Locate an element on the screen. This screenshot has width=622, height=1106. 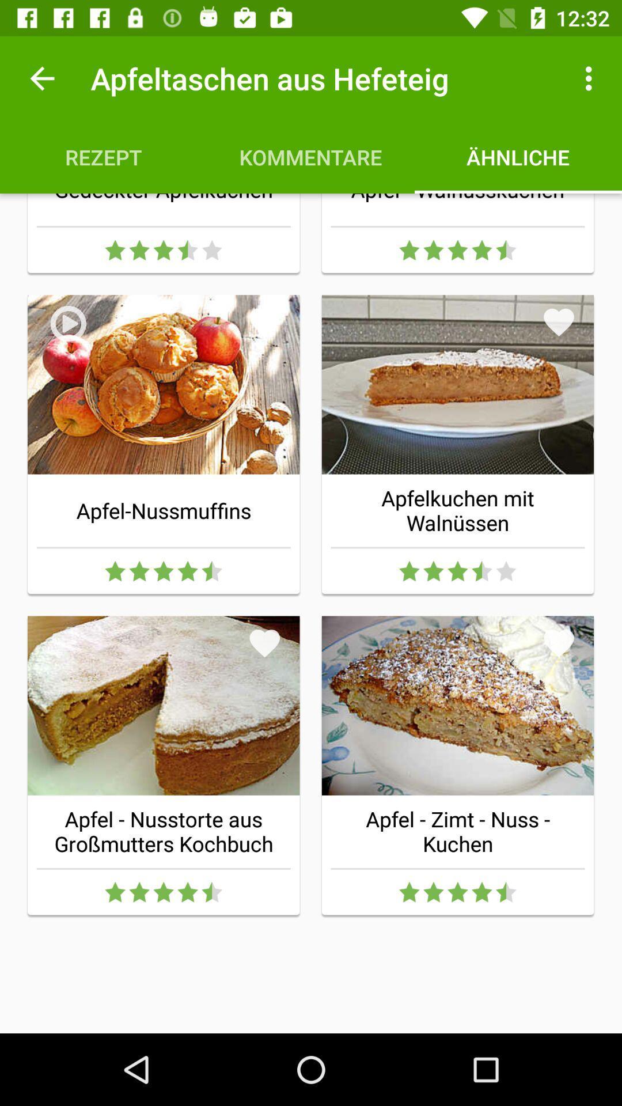
the item to the right of apfeltaschen aus hefeteig is located at coordinates (591, 78).